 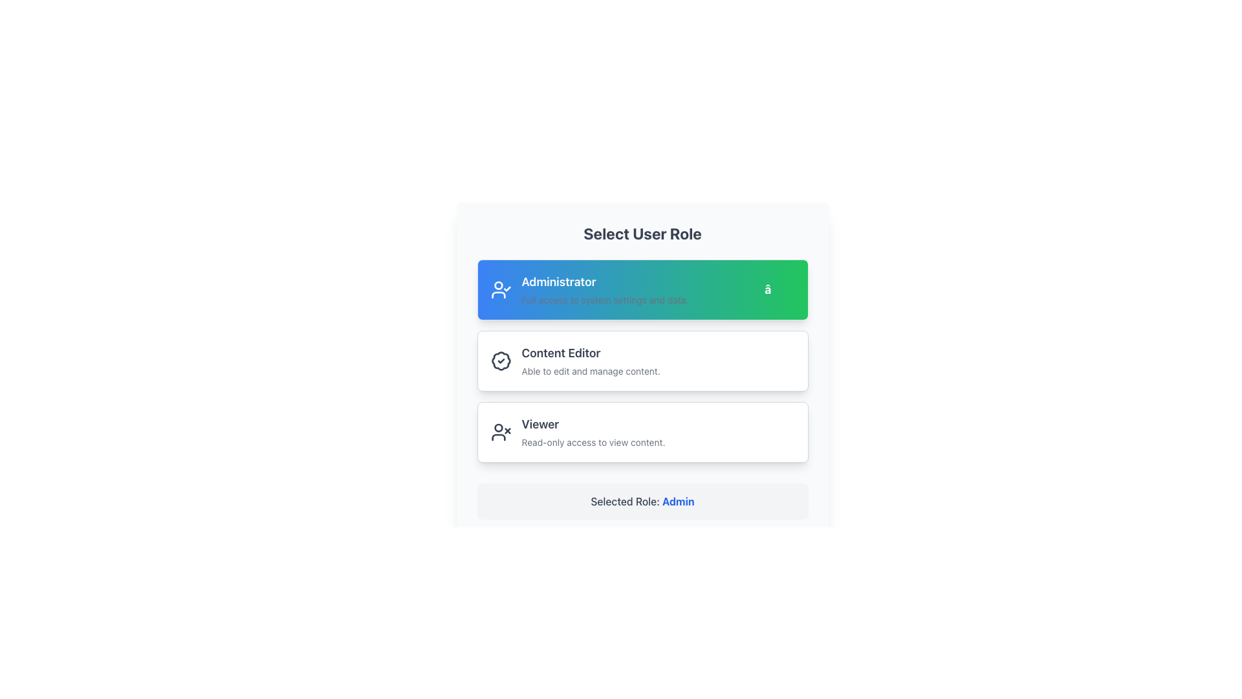 What do you see at coordinates (642, 501) in the screenshot?
I see `the Text Display Box that displays 'Selected Role: Admin' with a light gray background and rounded corners, located at the bottom of the role selection card` at bounding box center [642, 501].